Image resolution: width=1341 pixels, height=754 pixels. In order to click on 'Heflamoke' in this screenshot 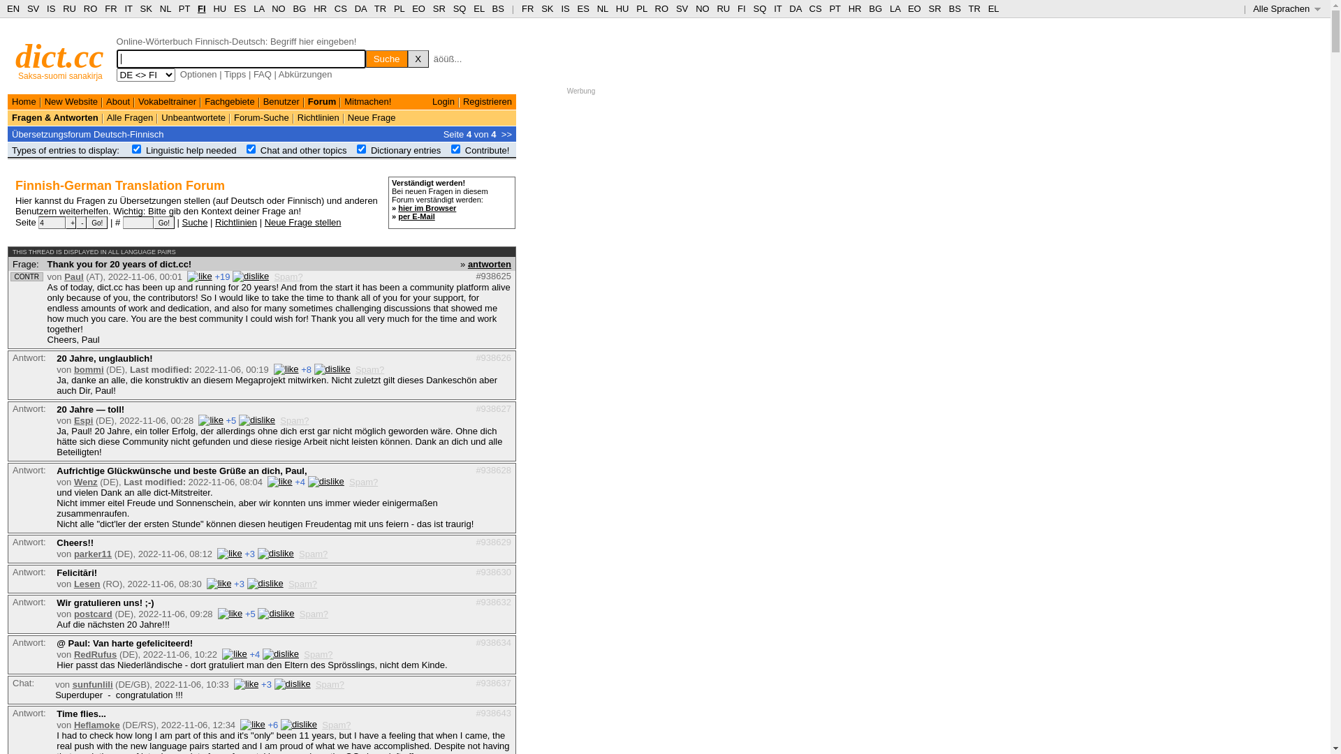, I will do `click(96, 724)`.